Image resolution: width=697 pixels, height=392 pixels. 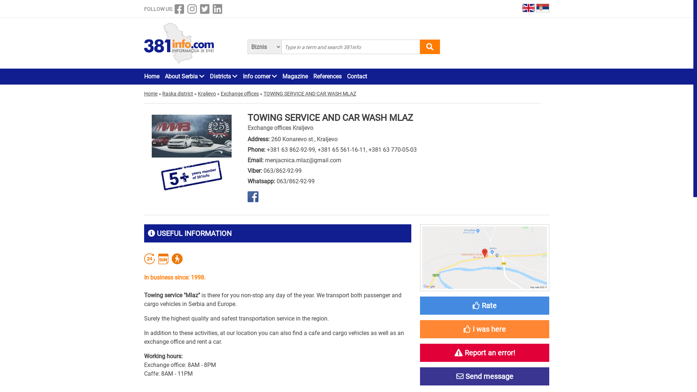 I want to click on '063/862-92-99', so click(x=282, y=171).